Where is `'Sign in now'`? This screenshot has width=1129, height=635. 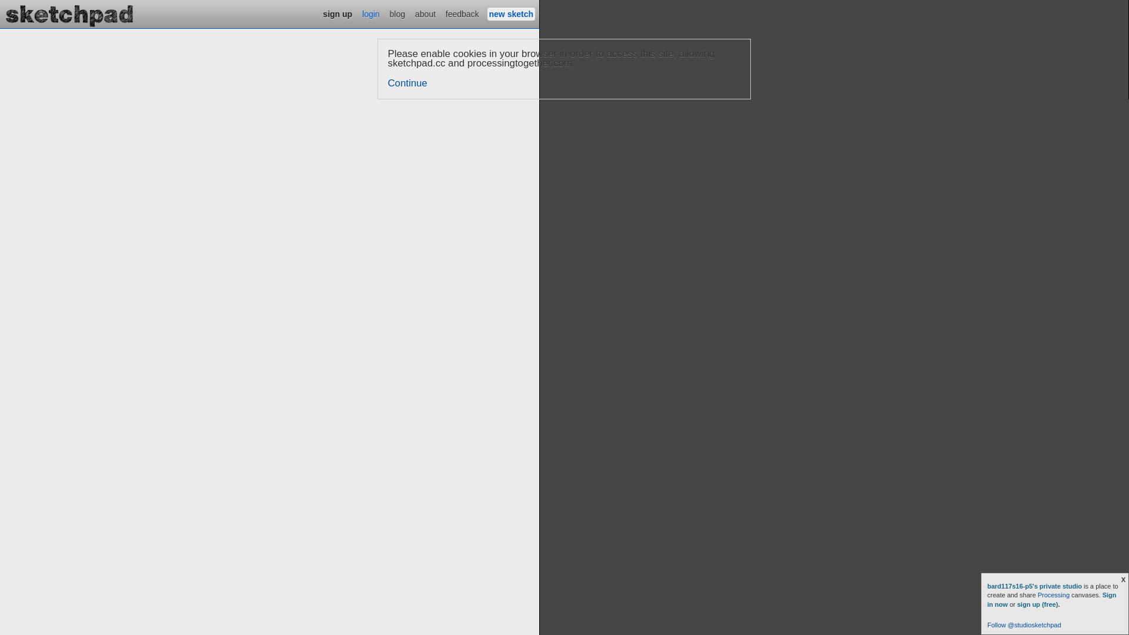 'Sign in now' is located at coordinates (1052, 599).